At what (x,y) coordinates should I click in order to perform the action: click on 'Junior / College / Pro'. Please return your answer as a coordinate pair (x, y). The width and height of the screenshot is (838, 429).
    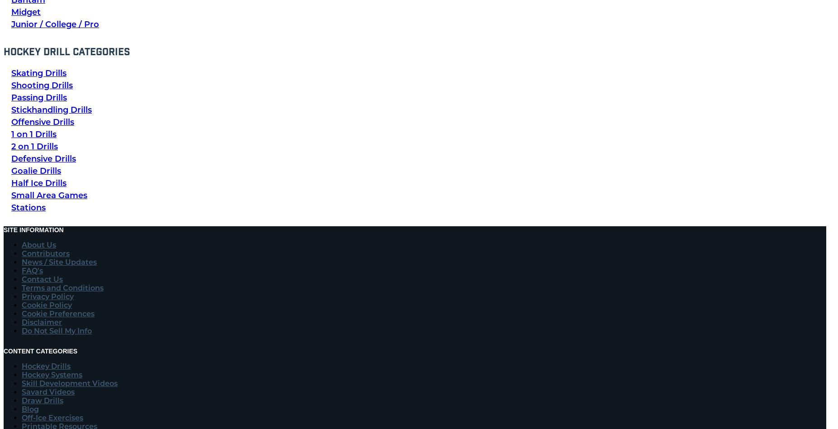
    Looking at the image, I should click on (55, 24).